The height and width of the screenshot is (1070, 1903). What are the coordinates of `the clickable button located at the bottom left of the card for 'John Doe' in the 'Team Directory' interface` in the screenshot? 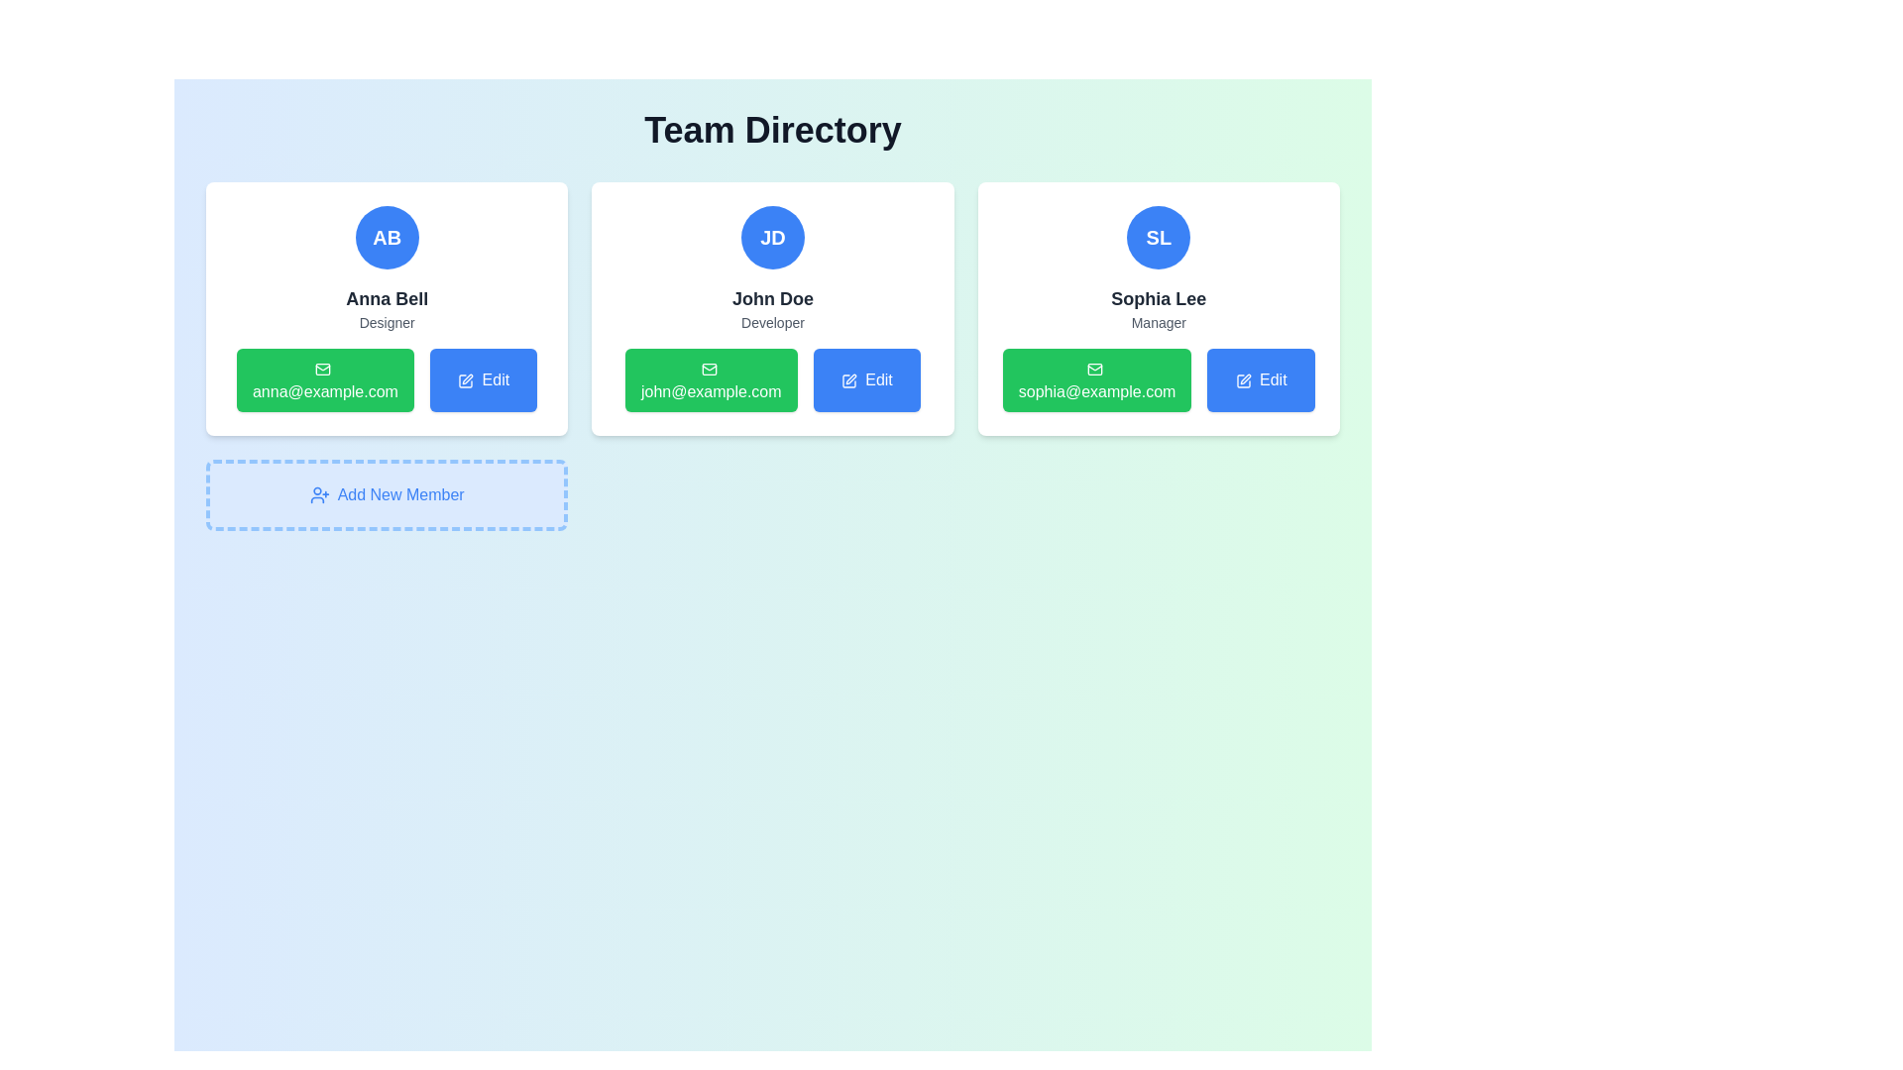 It's located at (711, 380).